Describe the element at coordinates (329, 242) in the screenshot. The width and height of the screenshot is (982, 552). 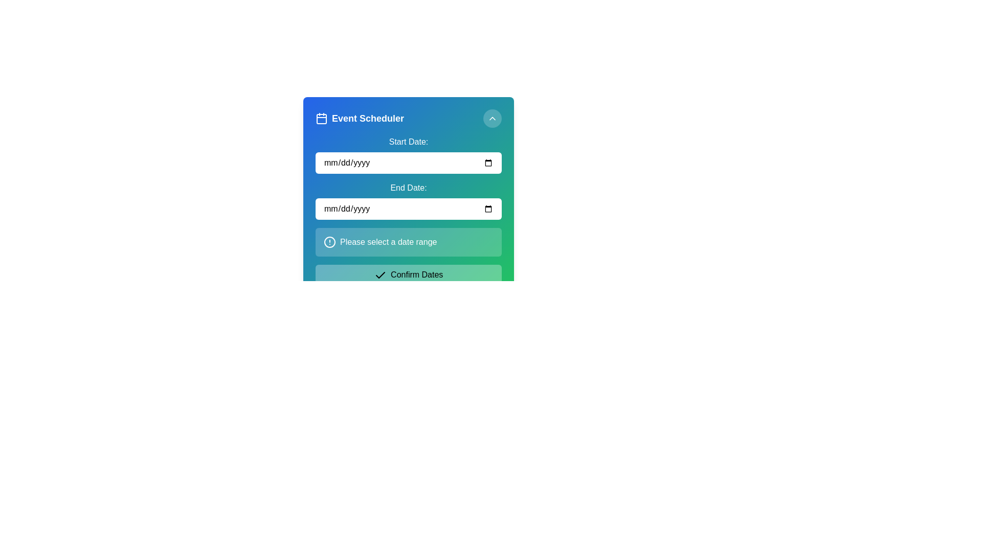
I see `the non-interactive warning icon that signifies the necessity for users to select a valid date range in the 'Event Scheduler' form` at that location.